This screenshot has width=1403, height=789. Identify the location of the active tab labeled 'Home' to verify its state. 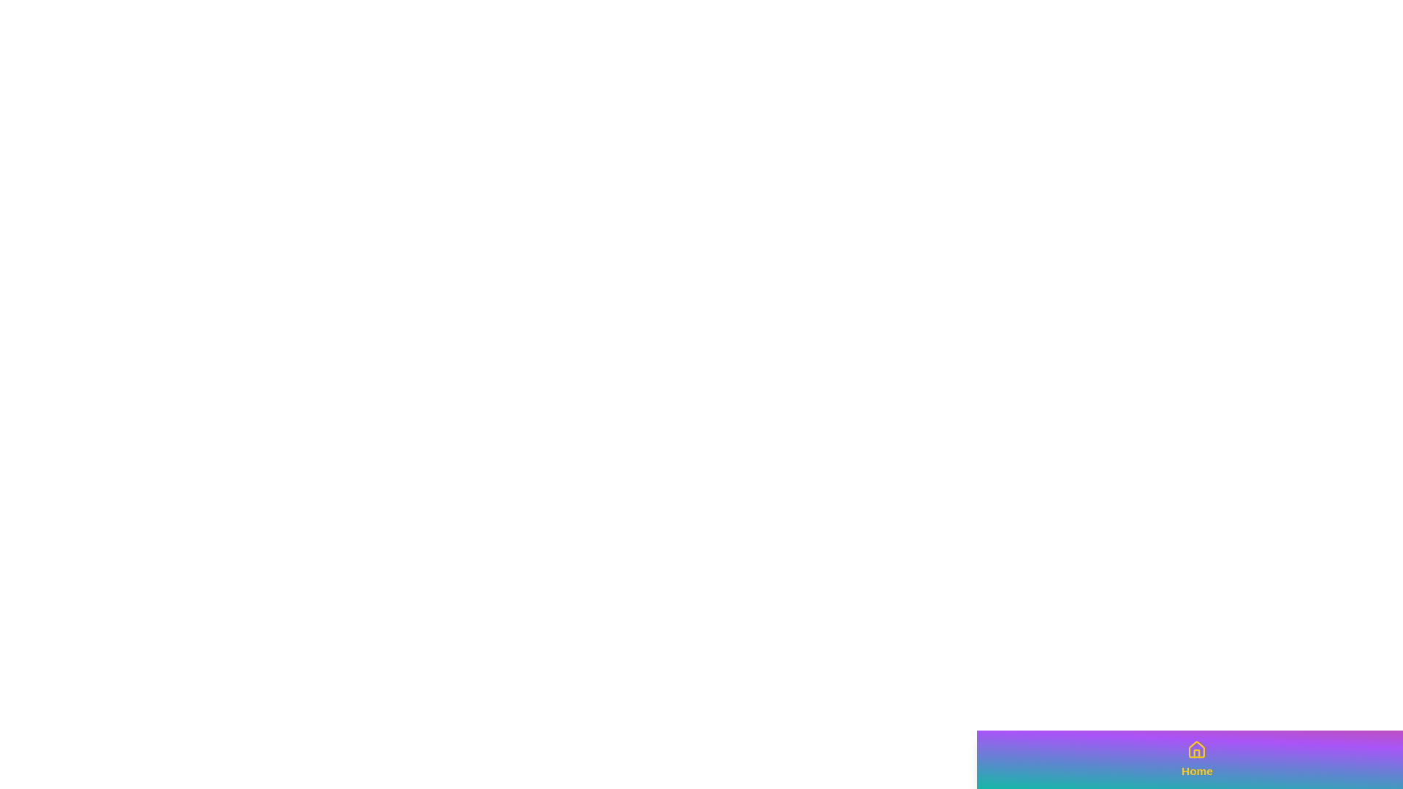
(1197, 759).